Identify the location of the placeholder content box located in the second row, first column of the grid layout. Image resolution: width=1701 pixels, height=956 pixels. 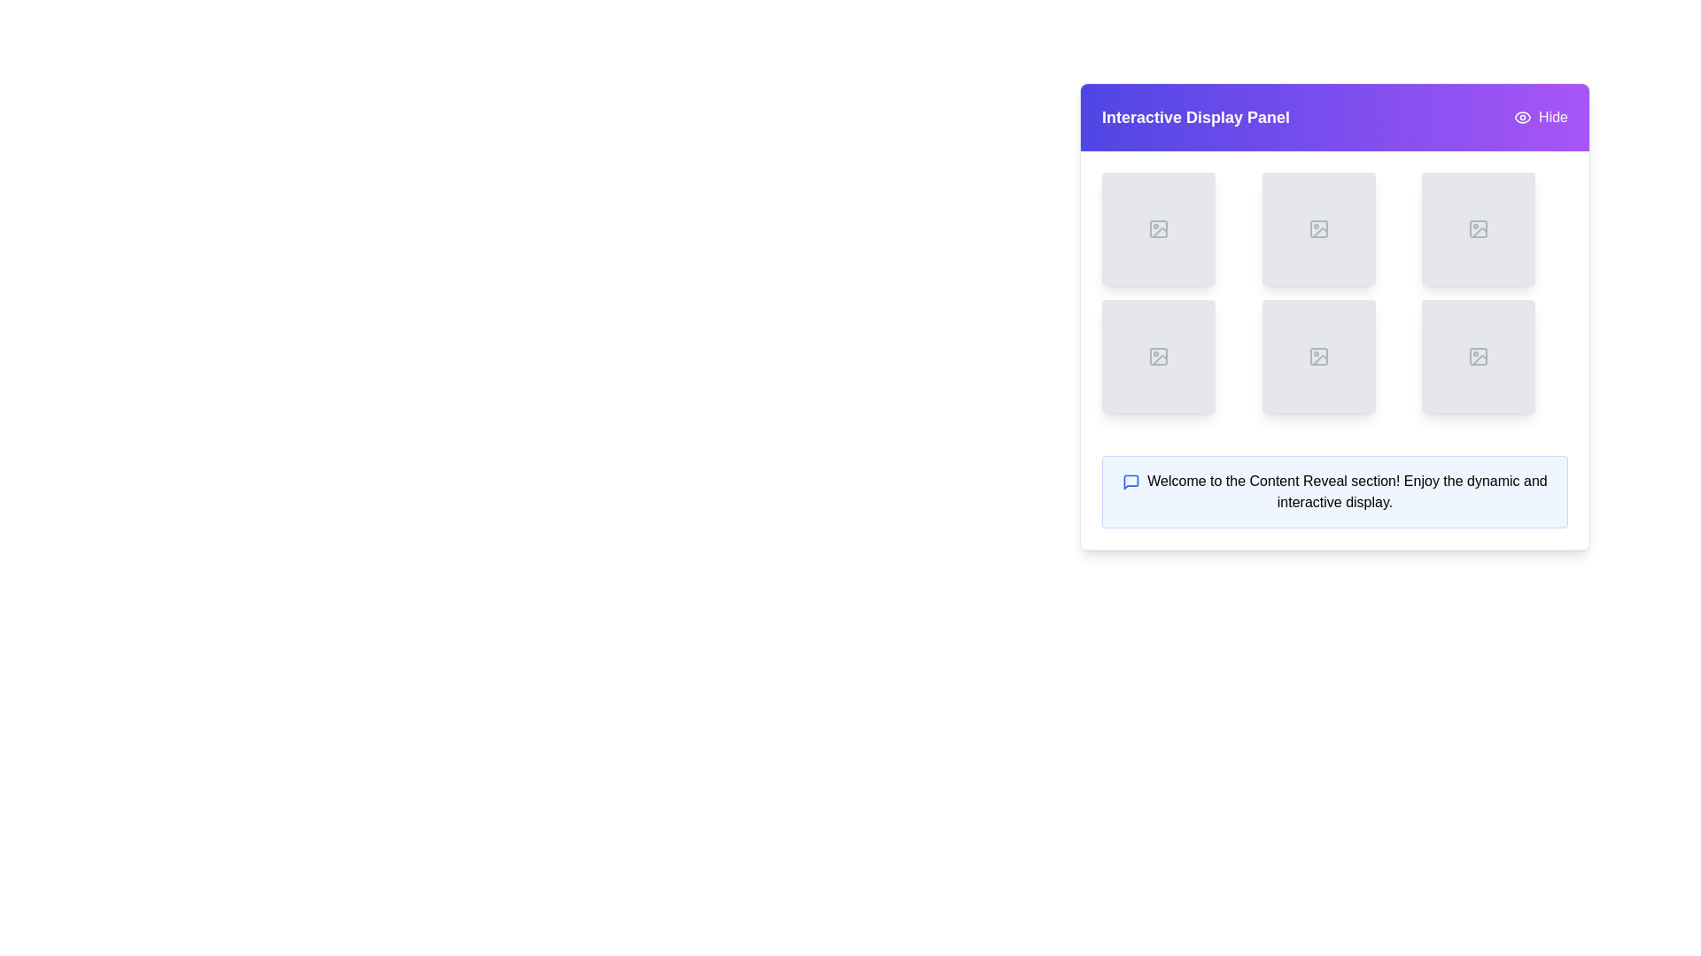
(1159, 356).